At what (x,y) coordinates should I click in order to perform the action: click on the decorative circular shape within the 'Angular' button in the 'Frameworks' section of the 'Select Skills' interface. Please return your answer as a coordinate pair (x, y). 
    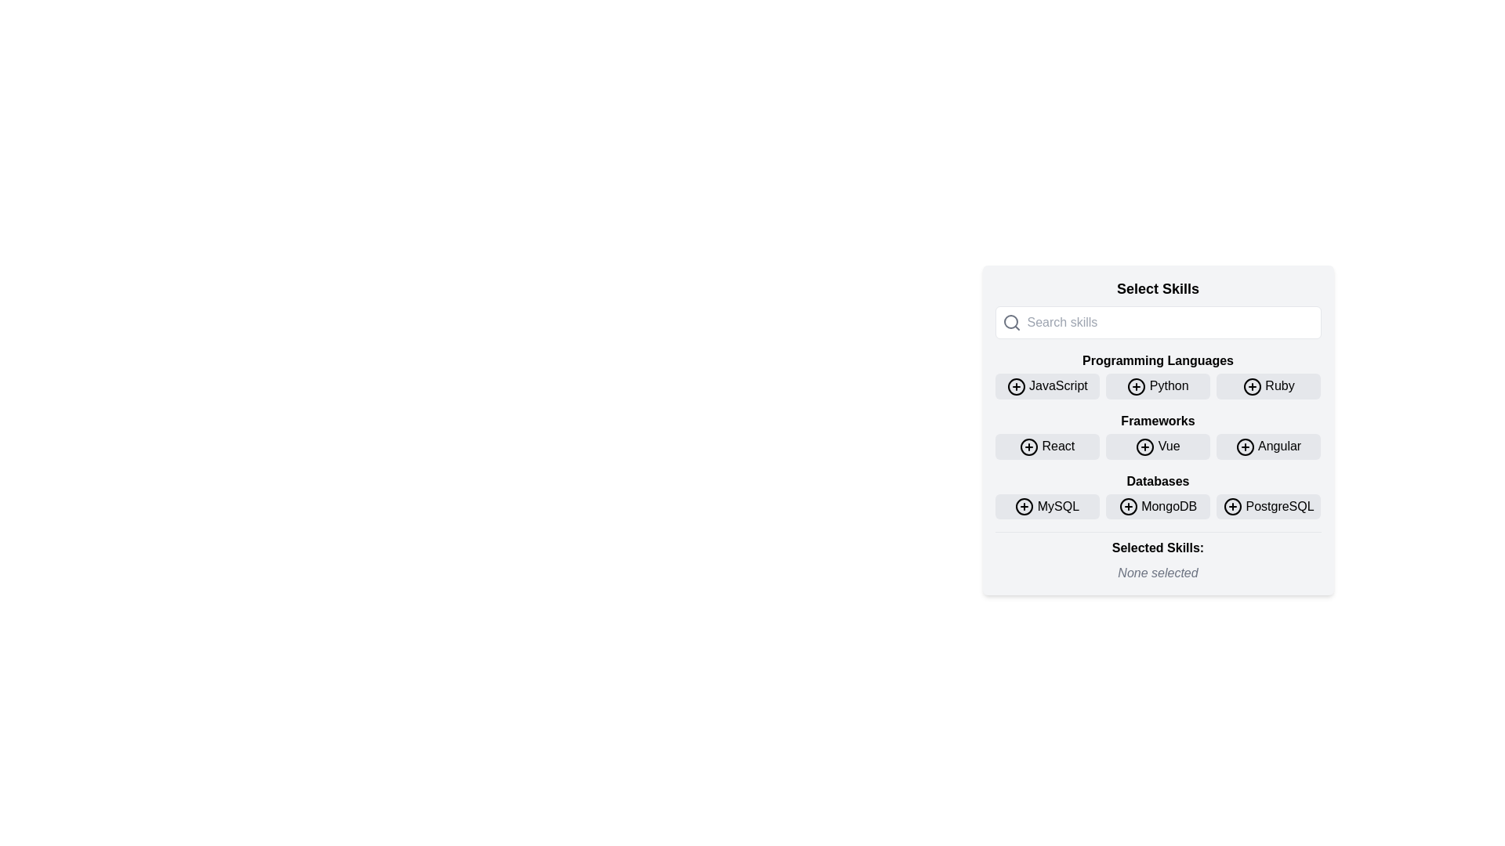
    Looking at the image, I should click on (1245, 446).